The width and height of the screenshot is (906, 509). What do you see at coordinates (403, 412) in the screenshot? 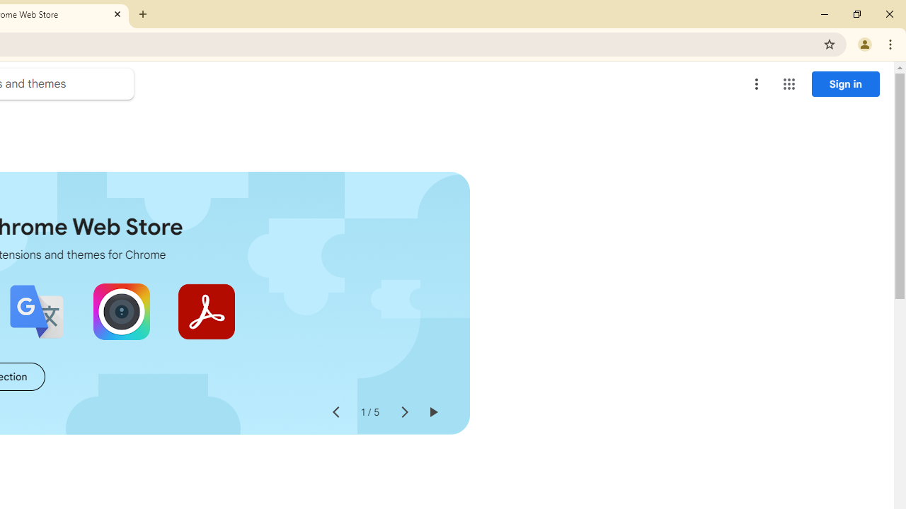
I see `'Next slide'` at bounding box center [403, 412].